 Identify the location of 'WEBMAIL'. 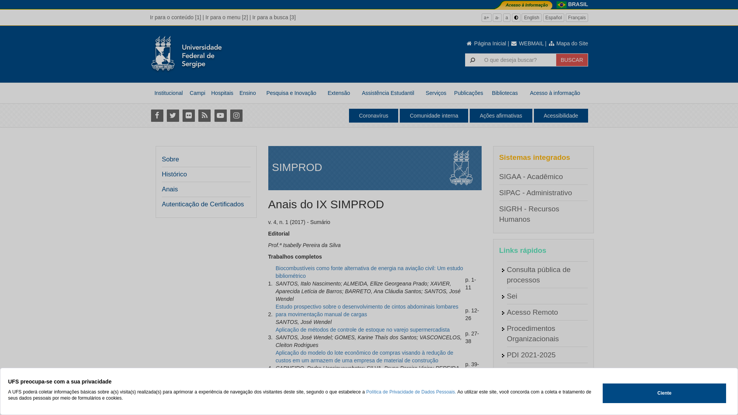
(527, 43).